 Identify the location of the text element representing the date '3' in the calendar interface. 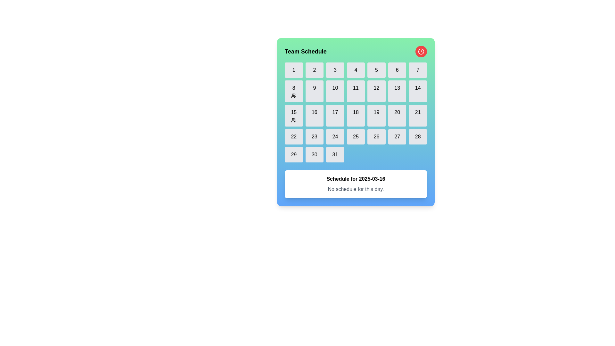
(335, 70).